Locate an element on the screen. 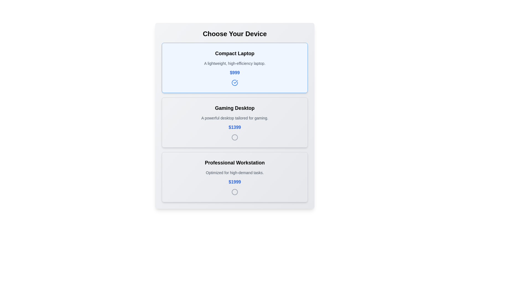 Image resolution: width=531 pixels, height=298 pixels. the circular blue icon with a white checkmark located beneath the '$999' price text in the 'Compact Laptop' selection card by moving the cursor to its center is located at coordinates (235, 83).